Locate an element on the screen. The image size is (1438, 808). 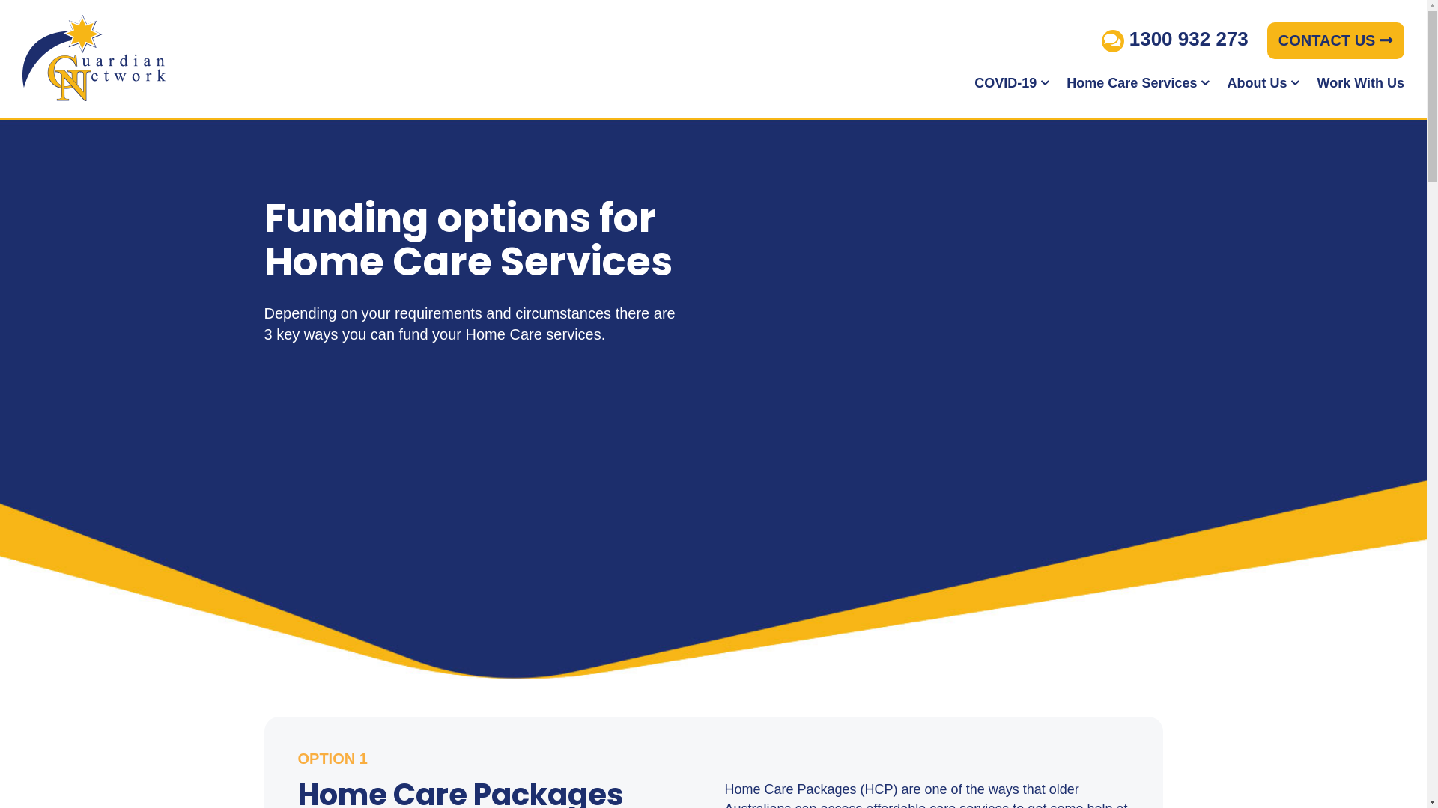
'1300 932 273' is located at coordinates (1174, 37).